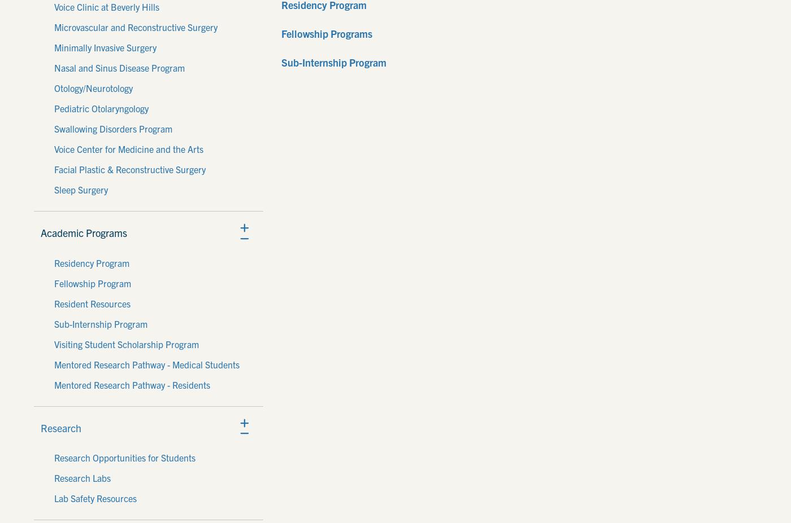  I want to click on 'Mentored Research Pathway - Medical Students', so click(146, 363).